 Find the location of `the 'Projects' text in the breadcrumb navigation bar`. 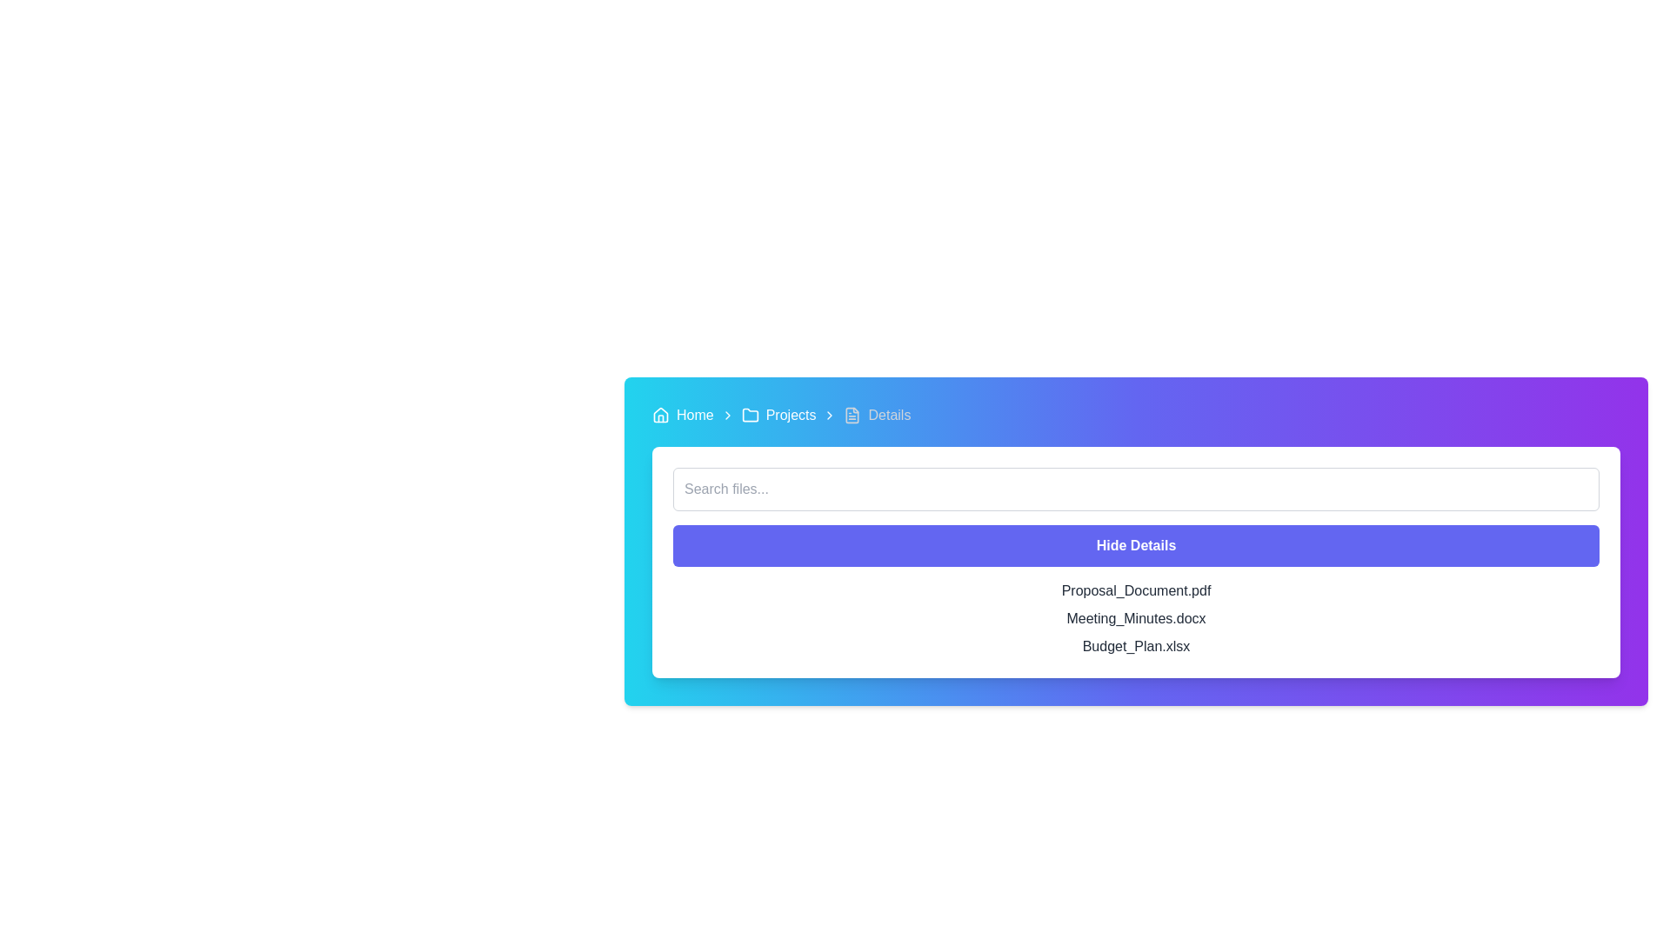

the 'Projects' text in the breadcrumb navigation bar is located at coordinates (778, 416).